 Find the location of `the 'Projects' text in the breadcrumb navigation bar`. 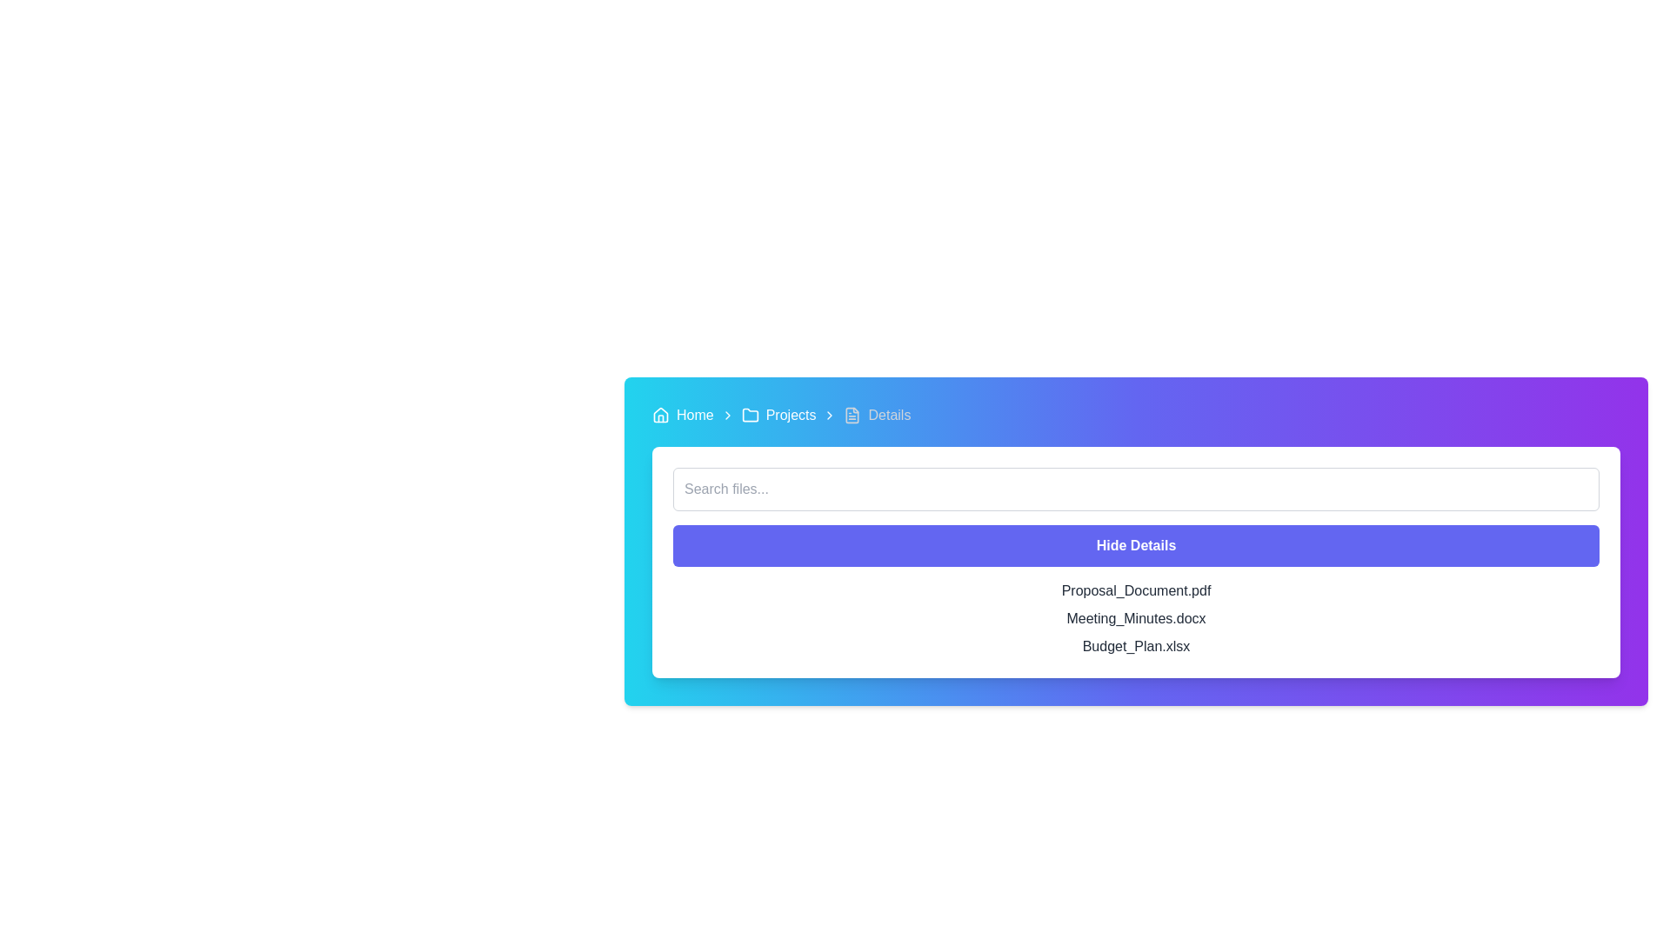

the 'Projects' text in the breadcrumb navigation bar is located at coordinates (778, 416).